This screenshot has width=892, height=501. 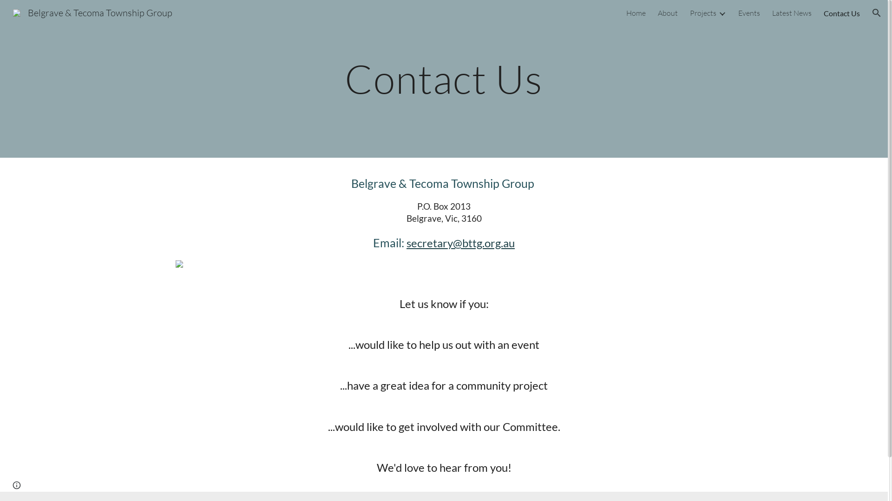 What do you see at coordinates (703, 13) in the screenshot?
I see `'Projects'` at bounding box center [703, 13].